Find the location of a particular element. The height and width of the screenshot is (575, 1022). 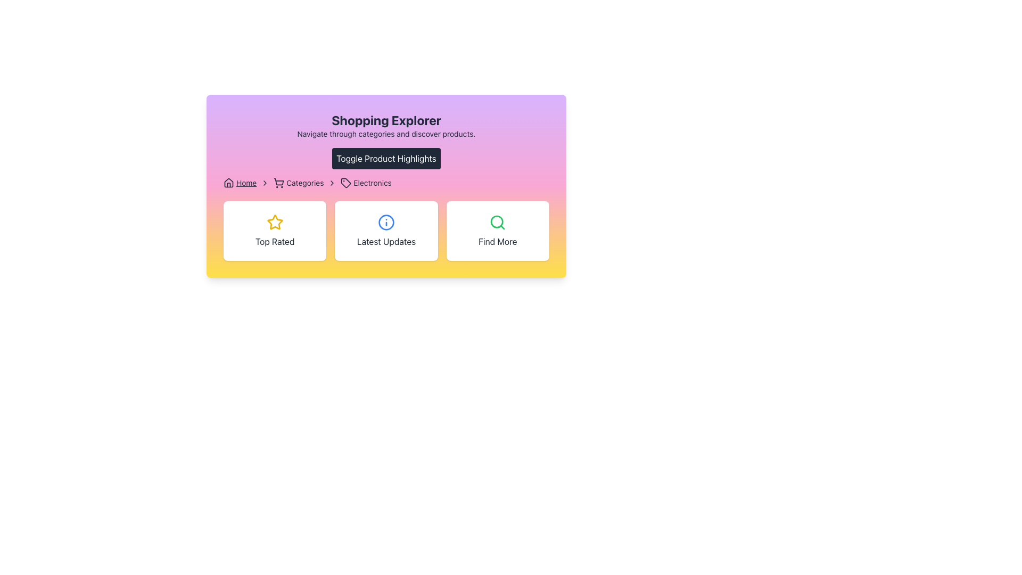

the central part of the shopping cart icon in the breadcrumb navigation area, which is depicted with a wireframe design style is located at coordinates (279, 181).